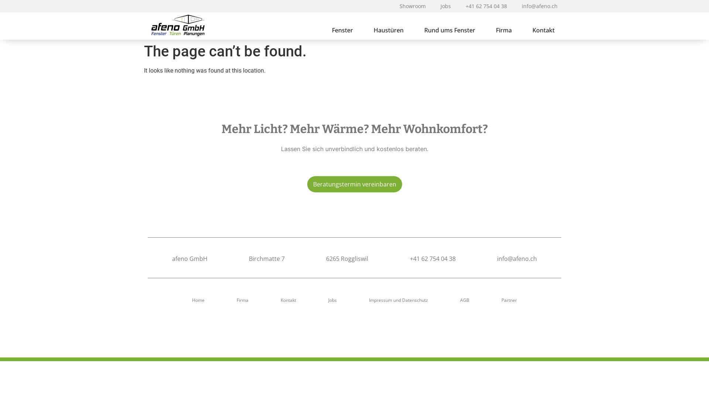 This screenshot has width=709, height=398. I want to click on 'Beratungstermin vereinbaren', so click(354, 184).